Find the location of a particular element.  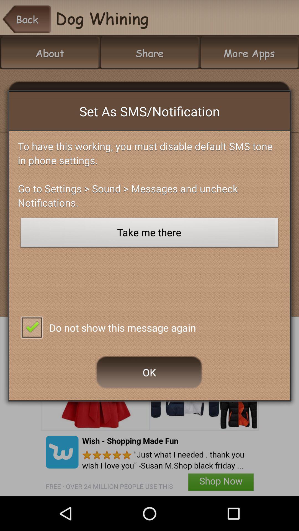

check/uncheck message notification is located at coordinates (32, 327).